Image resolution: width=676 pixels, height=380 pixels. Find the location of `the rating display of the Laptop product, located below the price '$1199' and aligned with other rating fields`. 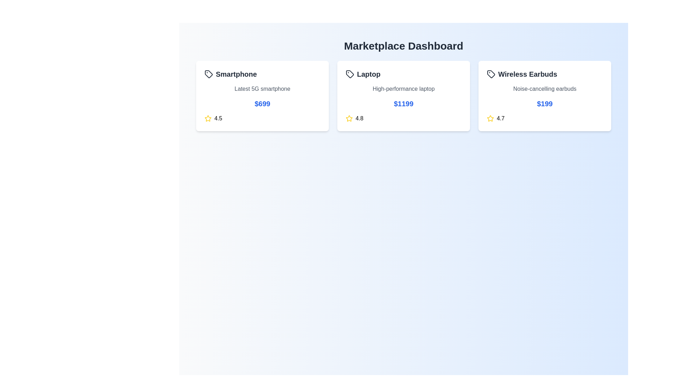

the rating display of the Laptop product, located below the price '$1199' and aligned with other rating fields is located at coordinates (403, 118).